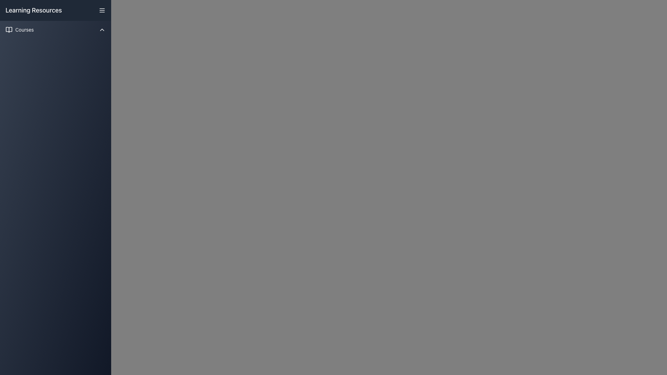 Image resolution: width=667 pixels, height=375 pixels. Describe the element at coordinates (101, 29) in the screenshot. I see `the upward-pointing chevron icon located in the 'Courses' section` at that location.